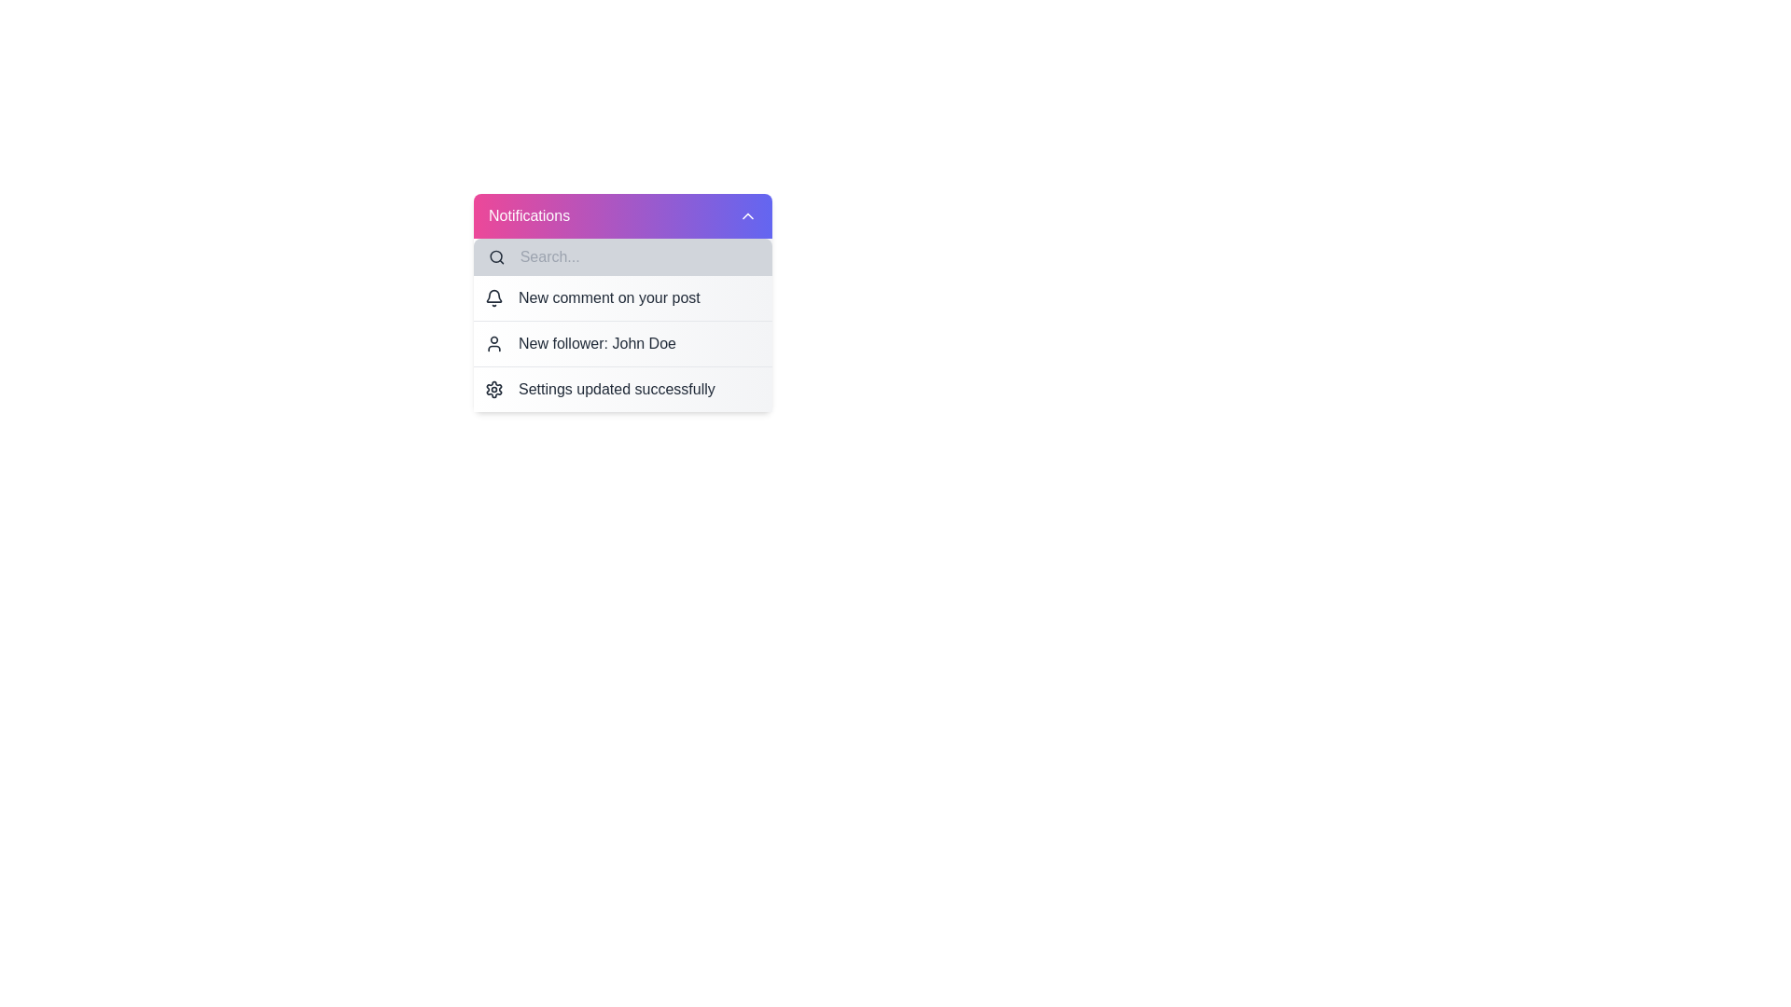 Image resolution: width=1791 pixels, height=1007 pixels. What do you see at coordinates (622, 214) in the screenshot?
I see `the Notifications button to toggle the menu's visibility` at bounding box center [622, 214].